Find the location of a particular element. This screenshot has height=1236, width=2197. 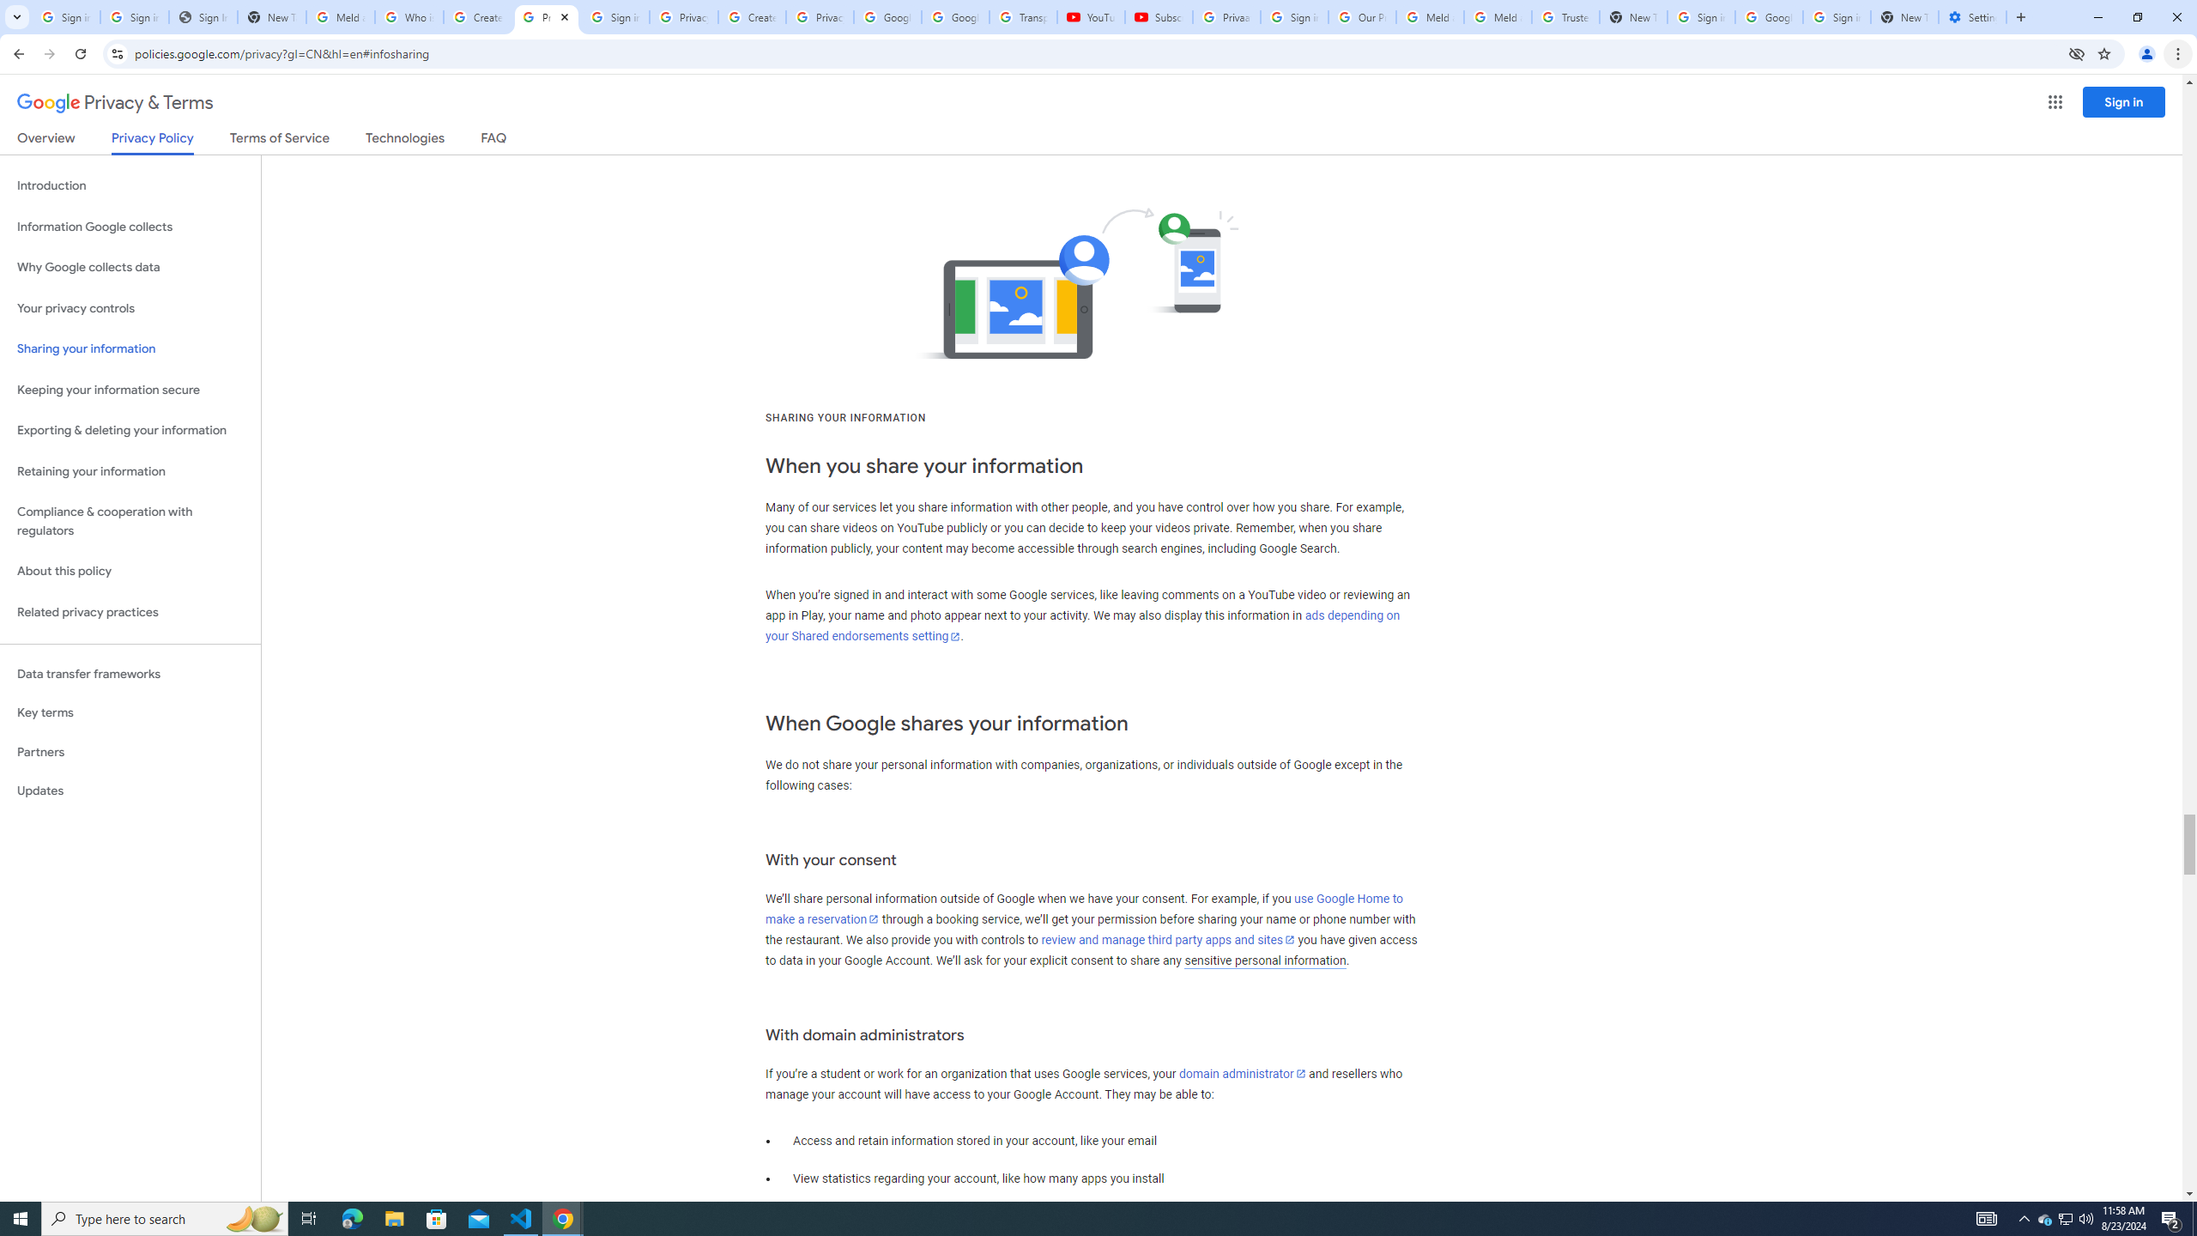

'Sharing your information' is located at coordinates (130, 348).